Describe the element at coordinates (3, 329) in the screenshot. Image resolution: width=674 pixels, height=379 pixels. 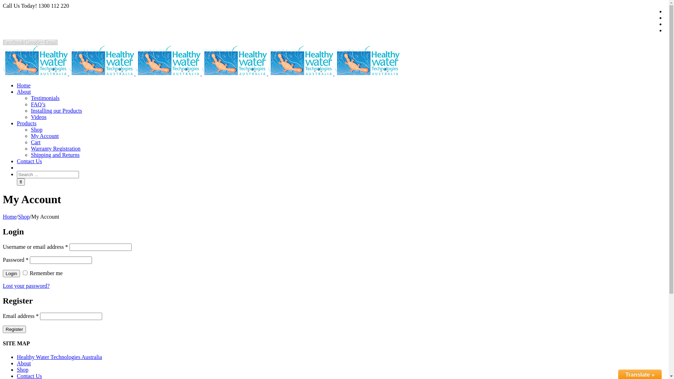
I see `'Register'` at that location.